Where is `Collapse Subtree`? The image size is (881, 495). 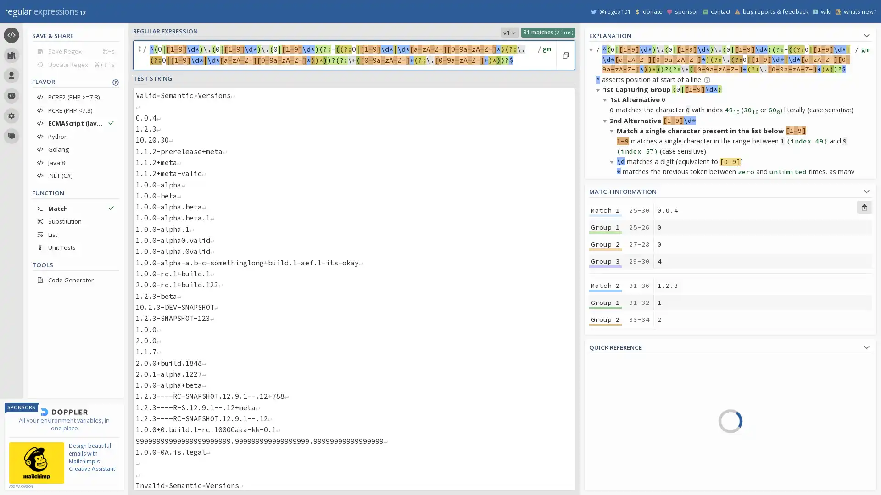
Collapse Subtree is located at coordinates (606, 99).